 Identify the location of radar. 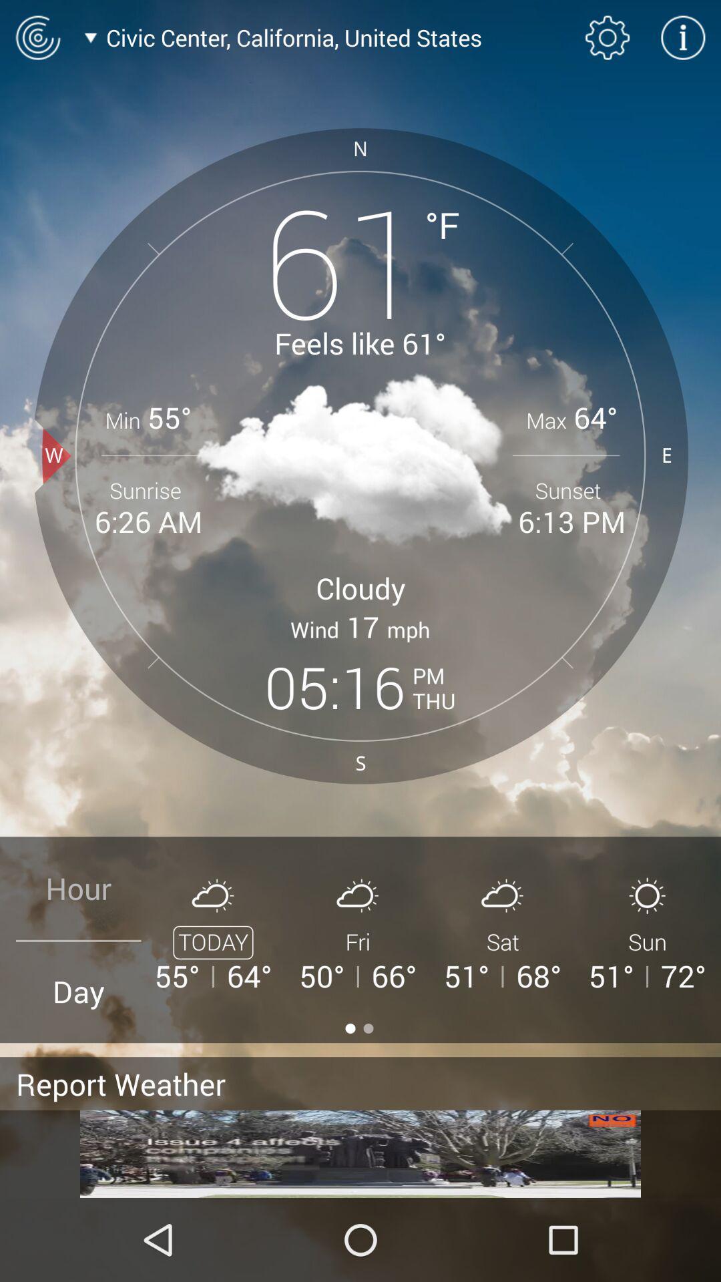
(37, 37).